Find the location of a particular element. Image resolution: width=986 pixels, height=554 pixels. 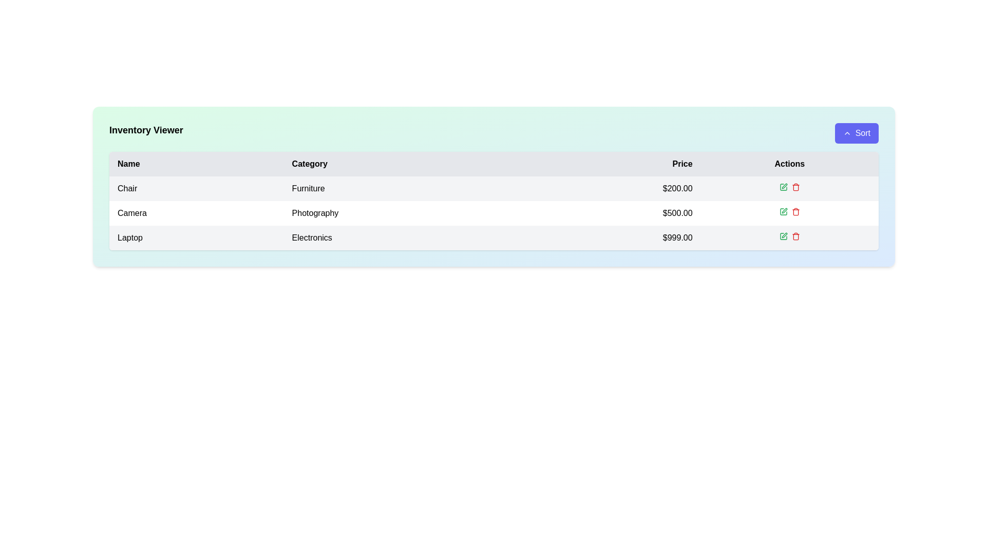

the edit icon button located in the 'Actions' column for the second item ('Camera') in the table to initiate an editing action is located at coordinates (784, 210).